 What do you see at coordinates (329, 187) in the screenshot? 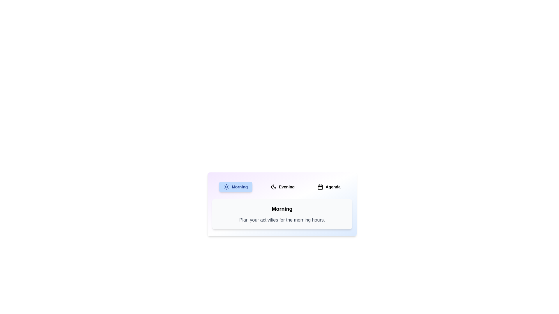
I see `the Agenda tab by clicking on its corresponding button` at bounding box center [329, 187].